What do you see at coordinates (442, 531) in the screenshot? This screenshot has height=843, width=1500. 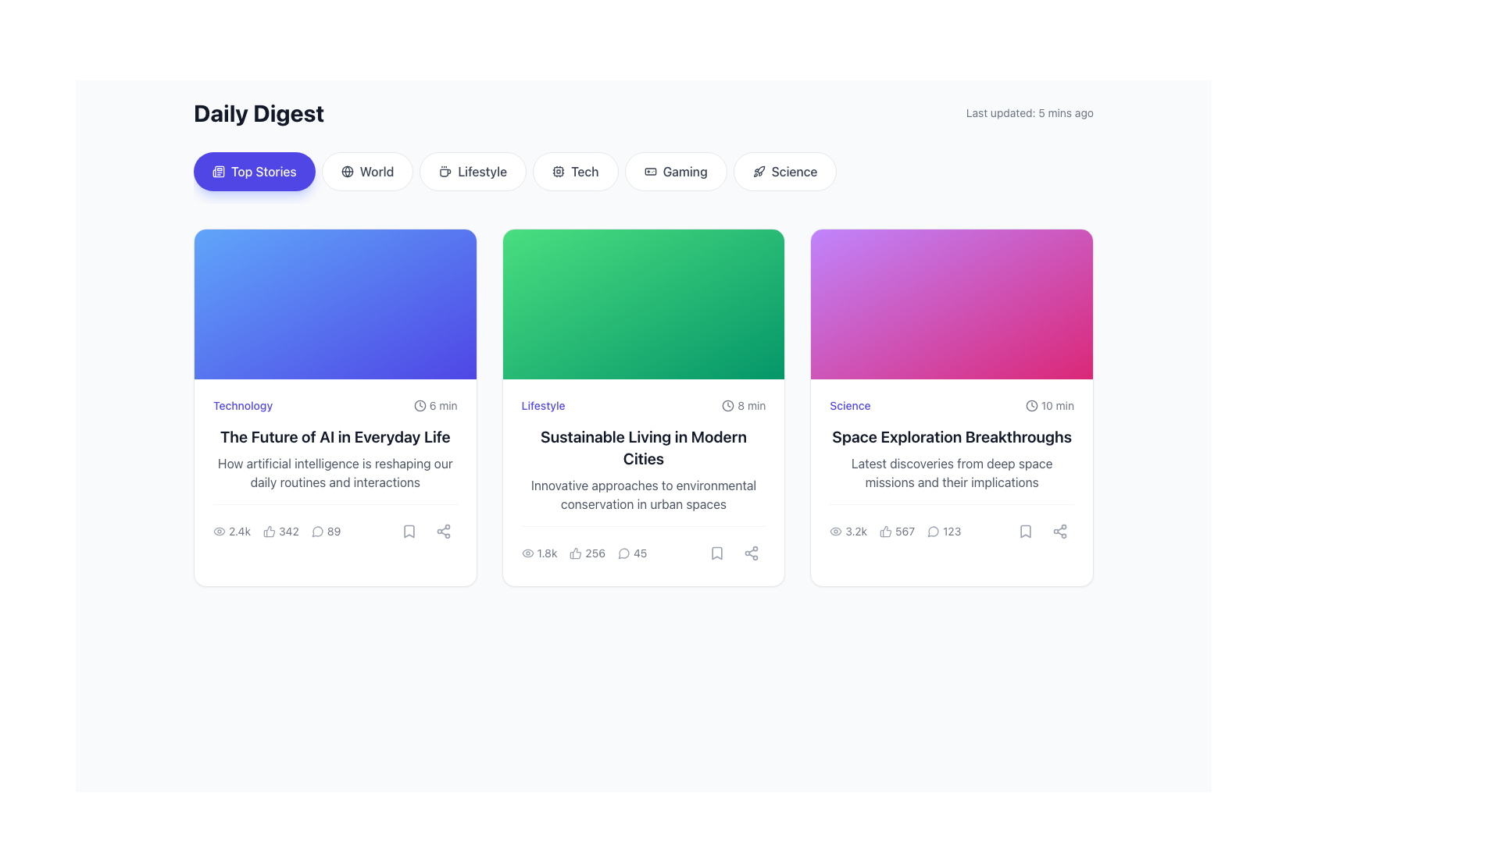 I see `the circular share button located in the bottom-right corner of the first card, which features a share icon represented by three connected dots` at bounding box center [442, 531].